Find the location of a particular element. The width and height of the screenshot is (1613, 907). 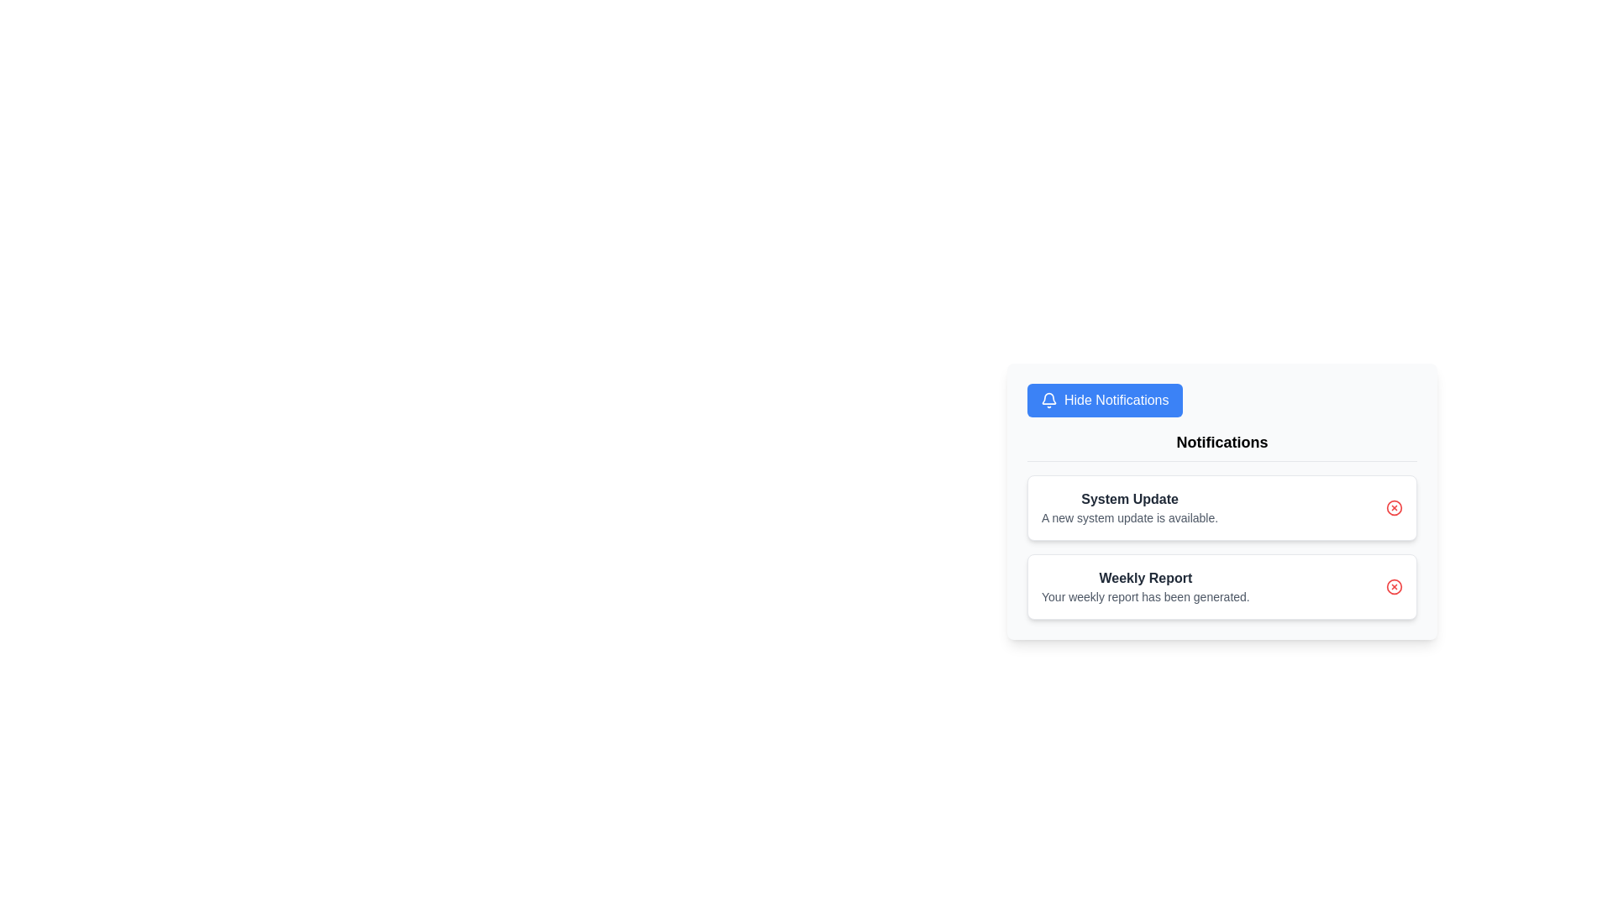

the first notification entry in the notifications section that informs the user about the availability of a new system update is located at coordinates (1130, 507).